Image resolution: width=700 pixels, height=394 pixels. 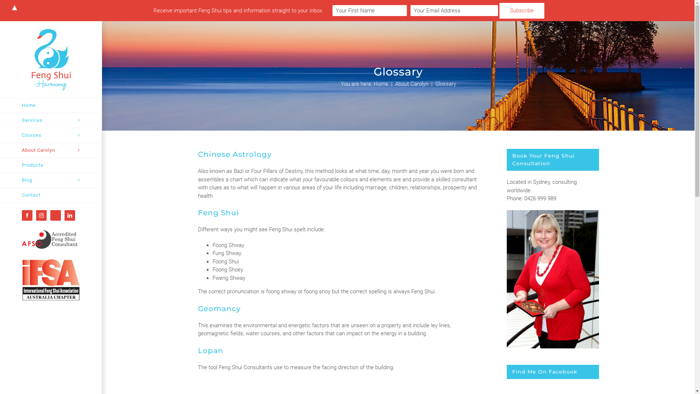 I want to click on 'Blog', so click(x=50, y=180).